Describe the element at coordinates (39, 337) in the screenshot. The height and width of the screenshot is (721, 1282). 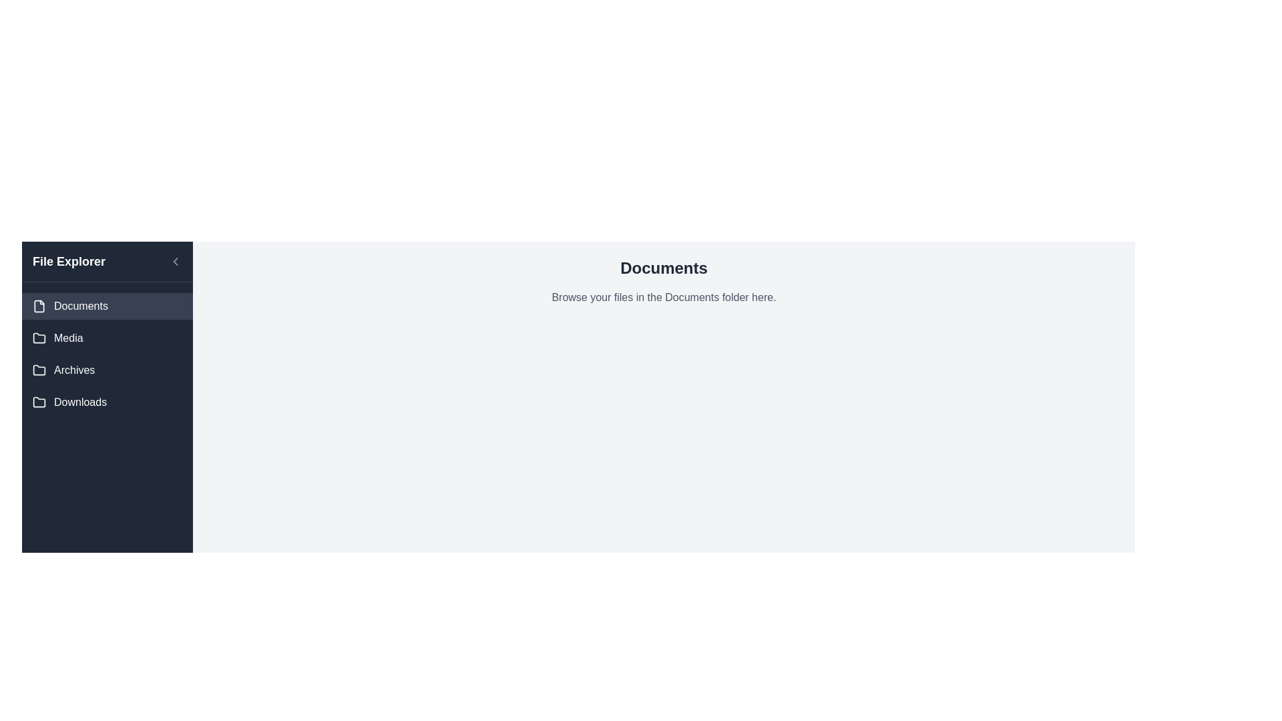
I see `the appearance of the decorative visual indicator icon associated with the 'Media' menu item in the 'File Explorer' menu, located to the left of the text 'Media'` at that location.